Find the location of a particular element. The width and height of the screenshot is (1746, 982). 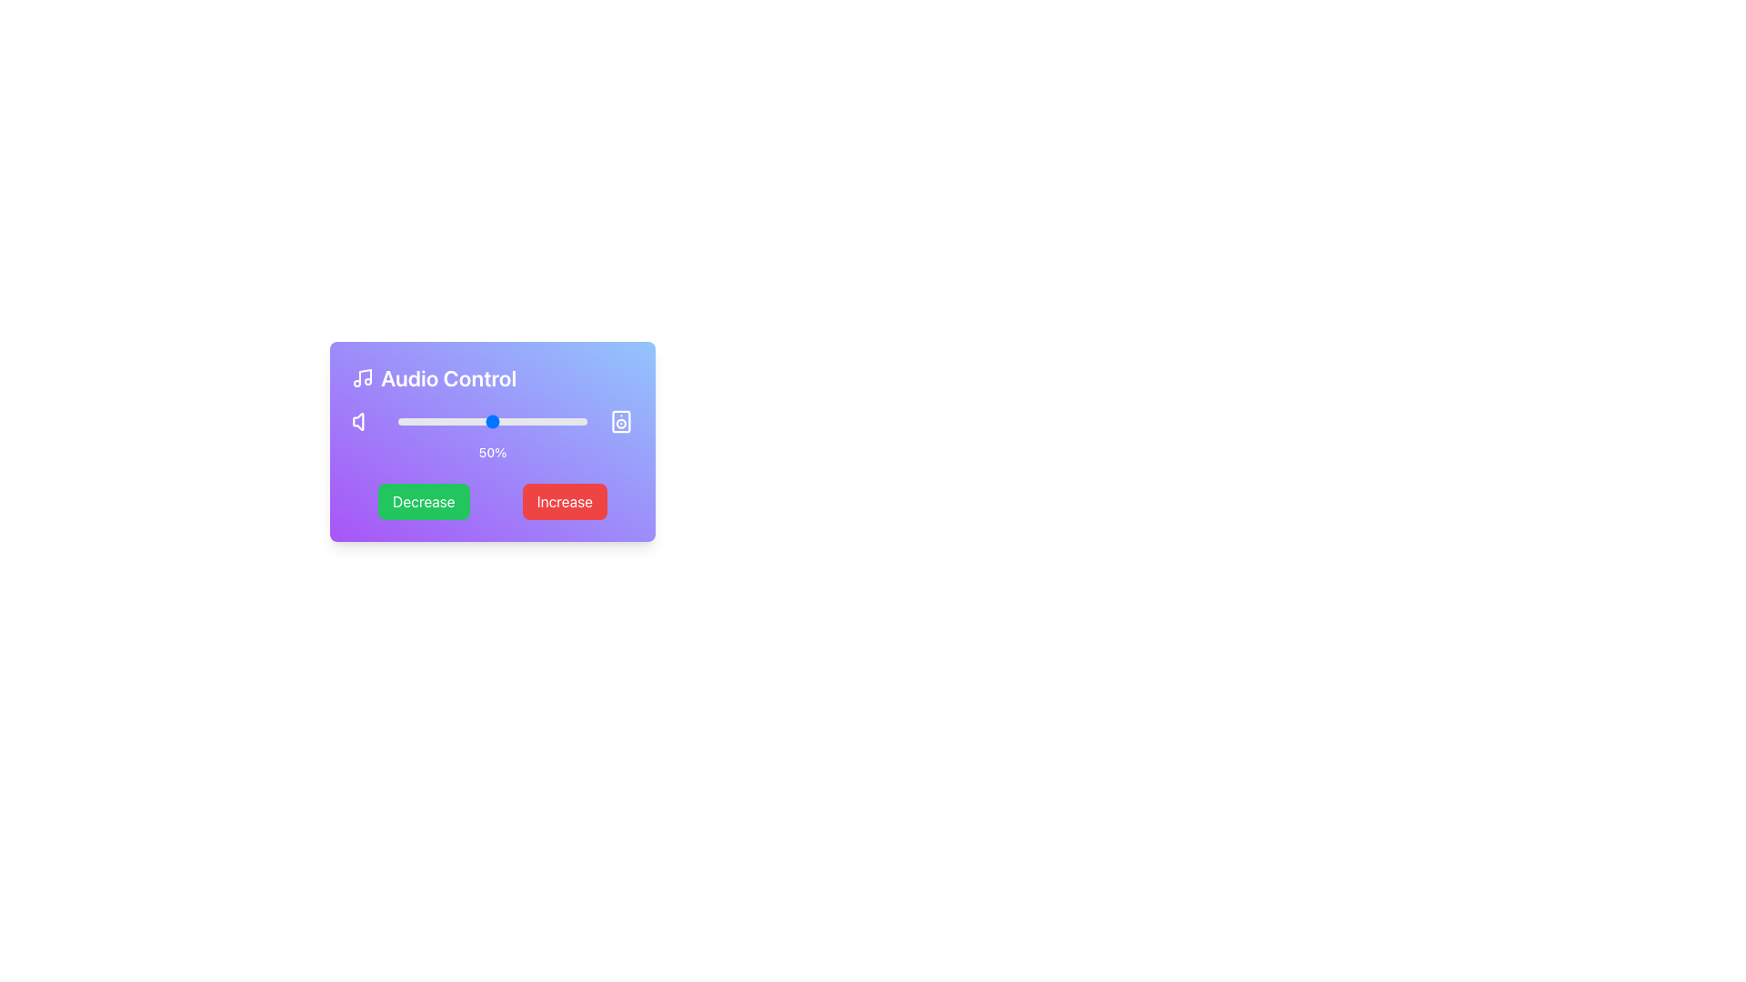

the text label displaying '50%' that is centered below the audio control slider, within a colored gradient background interface is located at coordinates (493, 435).